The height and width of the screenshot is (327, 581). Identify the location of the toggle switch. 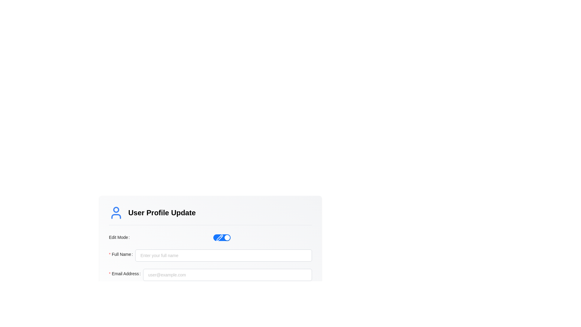
(222, 237).